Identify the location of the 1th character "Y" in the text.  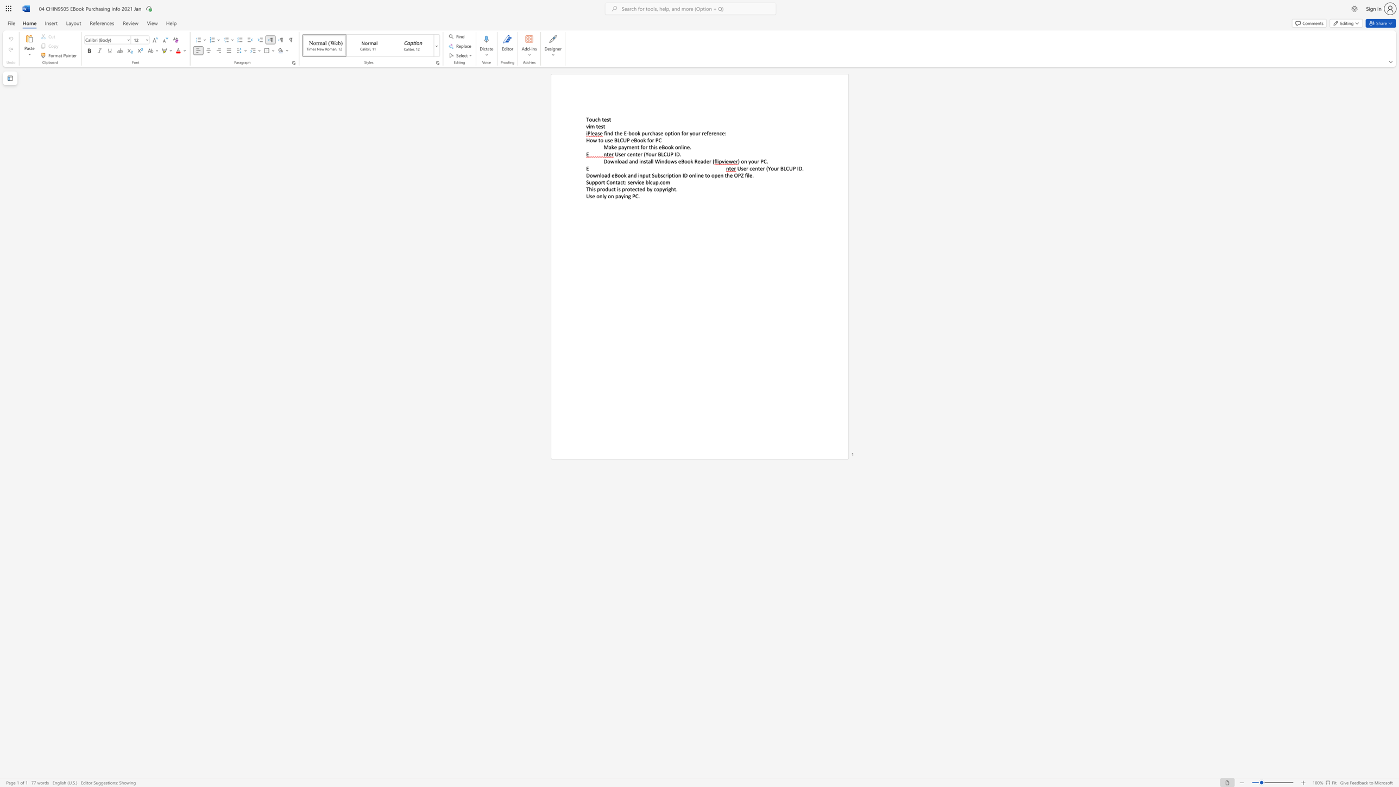
(769, 168).